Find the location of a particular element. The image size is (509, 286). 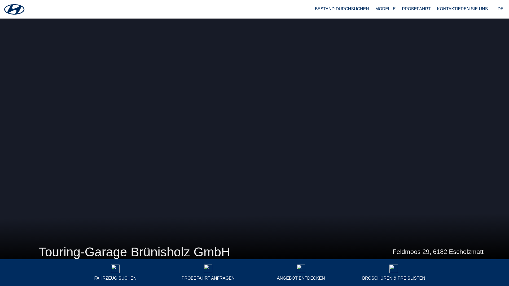

'BESTAND DURCHSUCHEN' is located at coordinates (342, 9).